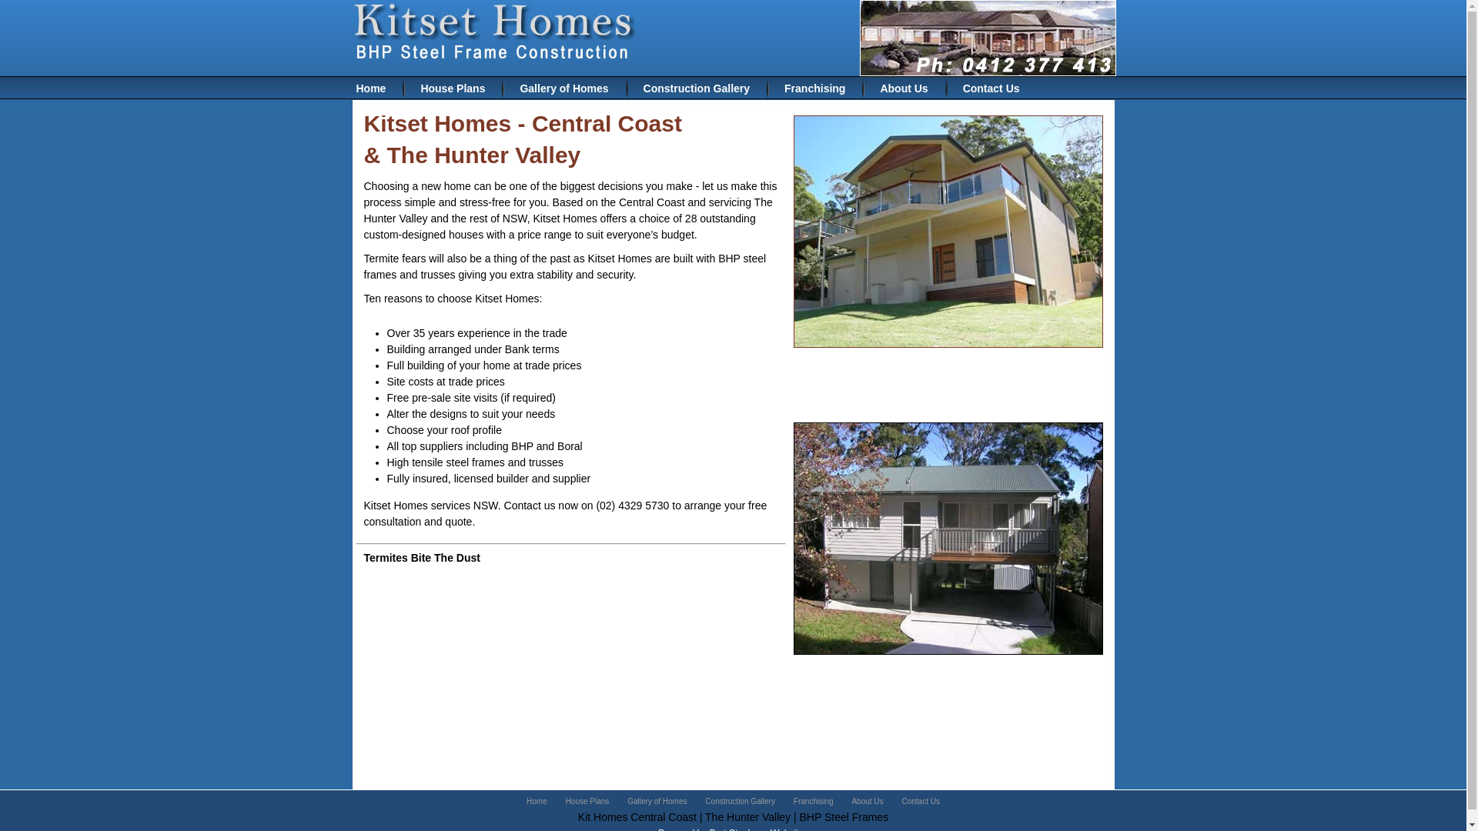  Describe the element at coordinates (812, 800) in the screenshot. I see `'Franchising'` at that location.